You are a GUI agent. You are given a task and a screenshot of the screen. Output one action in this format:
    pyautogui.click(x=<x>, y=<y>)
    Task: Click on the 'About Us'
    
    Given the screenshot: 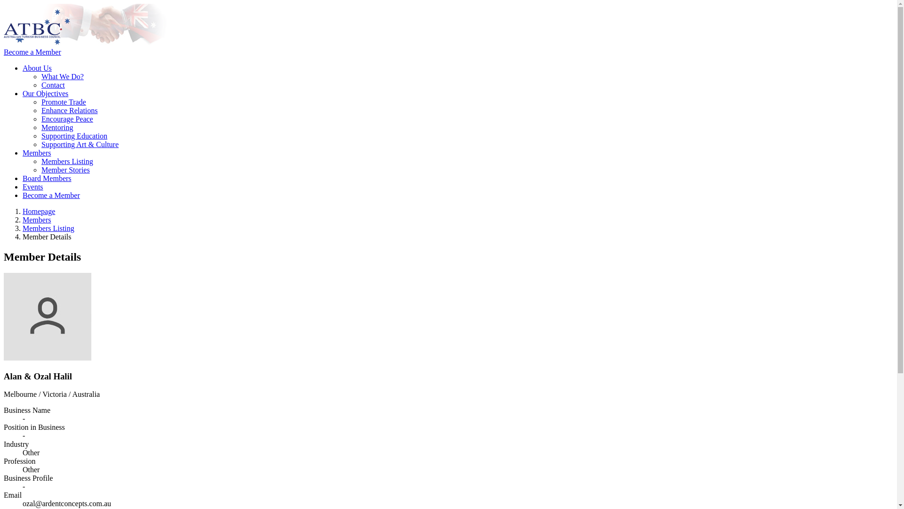 What is the action you would take?
    pyautogui.click(x=37, y=67)
    